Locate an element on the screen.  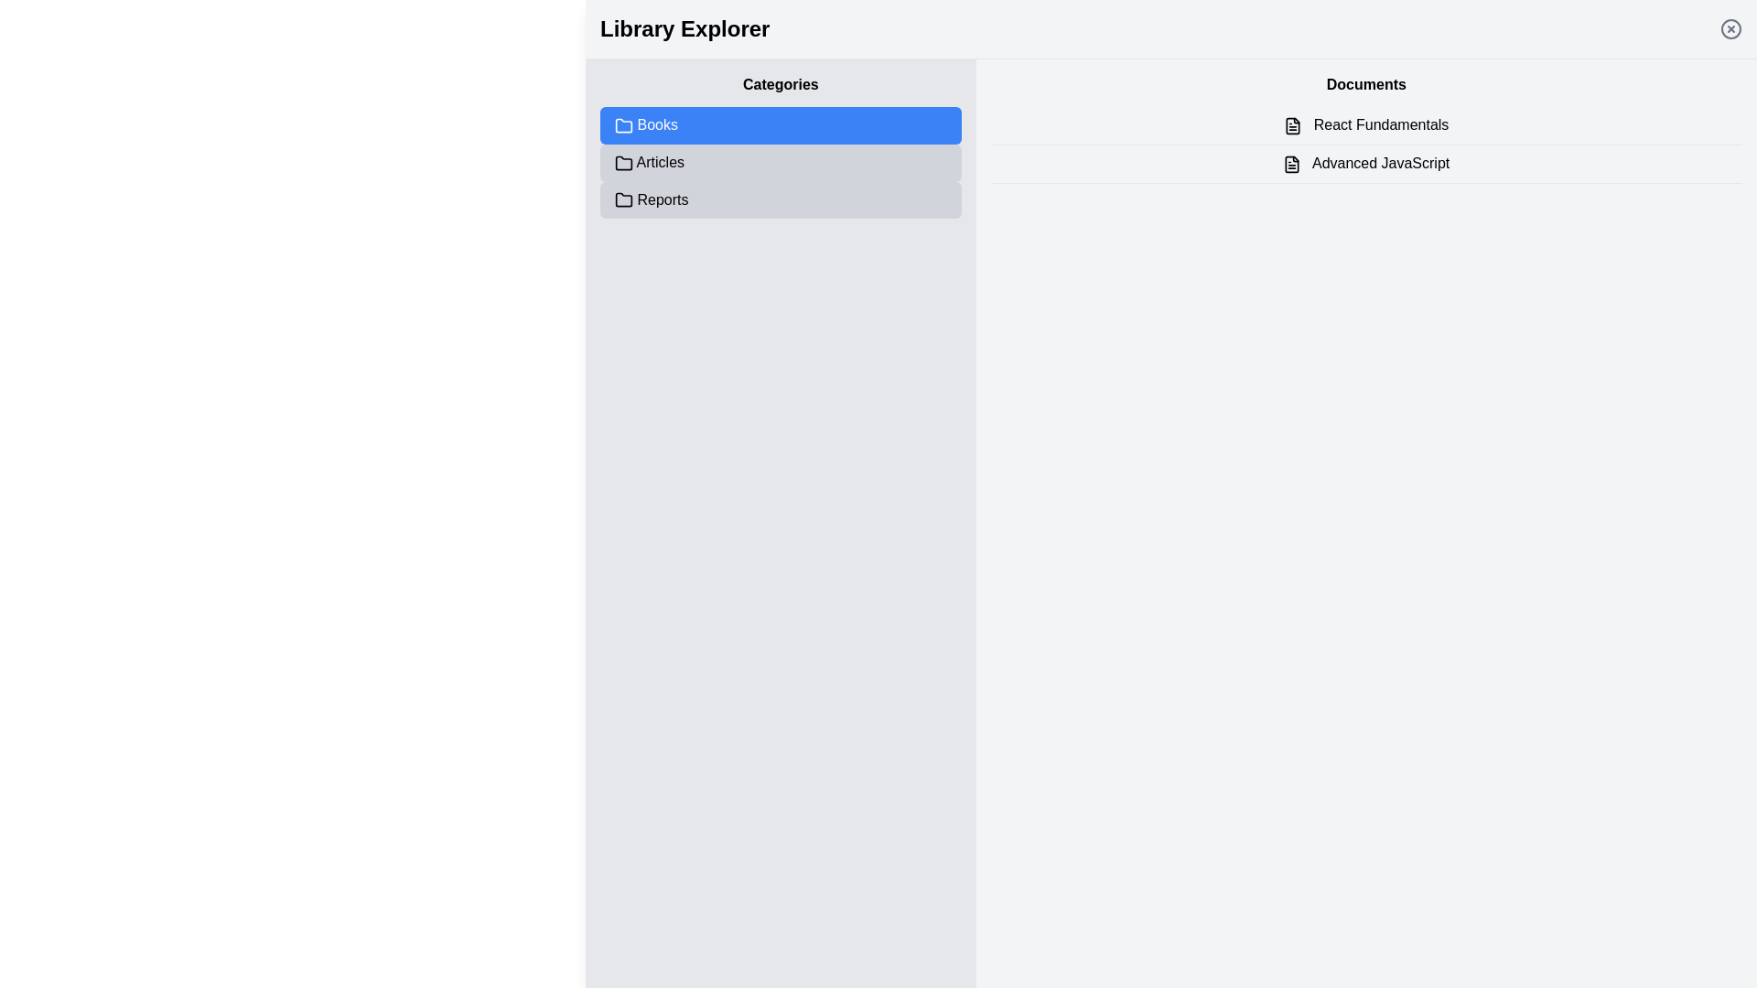
the text label header reading 'Categories', which is styled in bold and serves as a section header for items like 'Books', 'Articles', and 'Reports' is located at coordinates (781, 84).